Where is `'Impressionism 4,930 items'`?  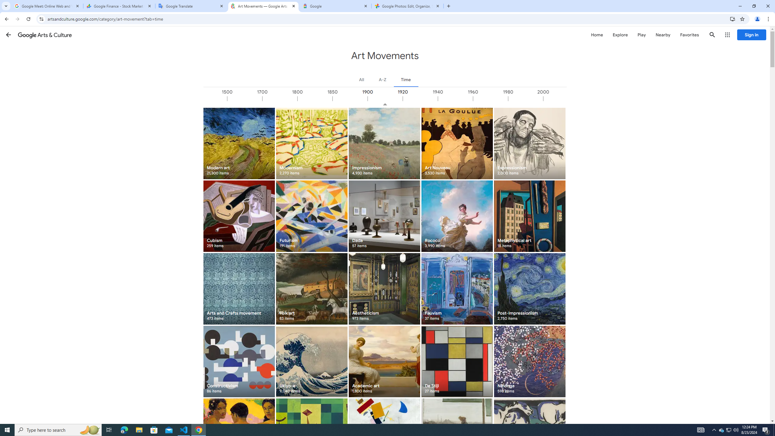 'Impressionism 4,930 items' is located at coordinates (384, 143).